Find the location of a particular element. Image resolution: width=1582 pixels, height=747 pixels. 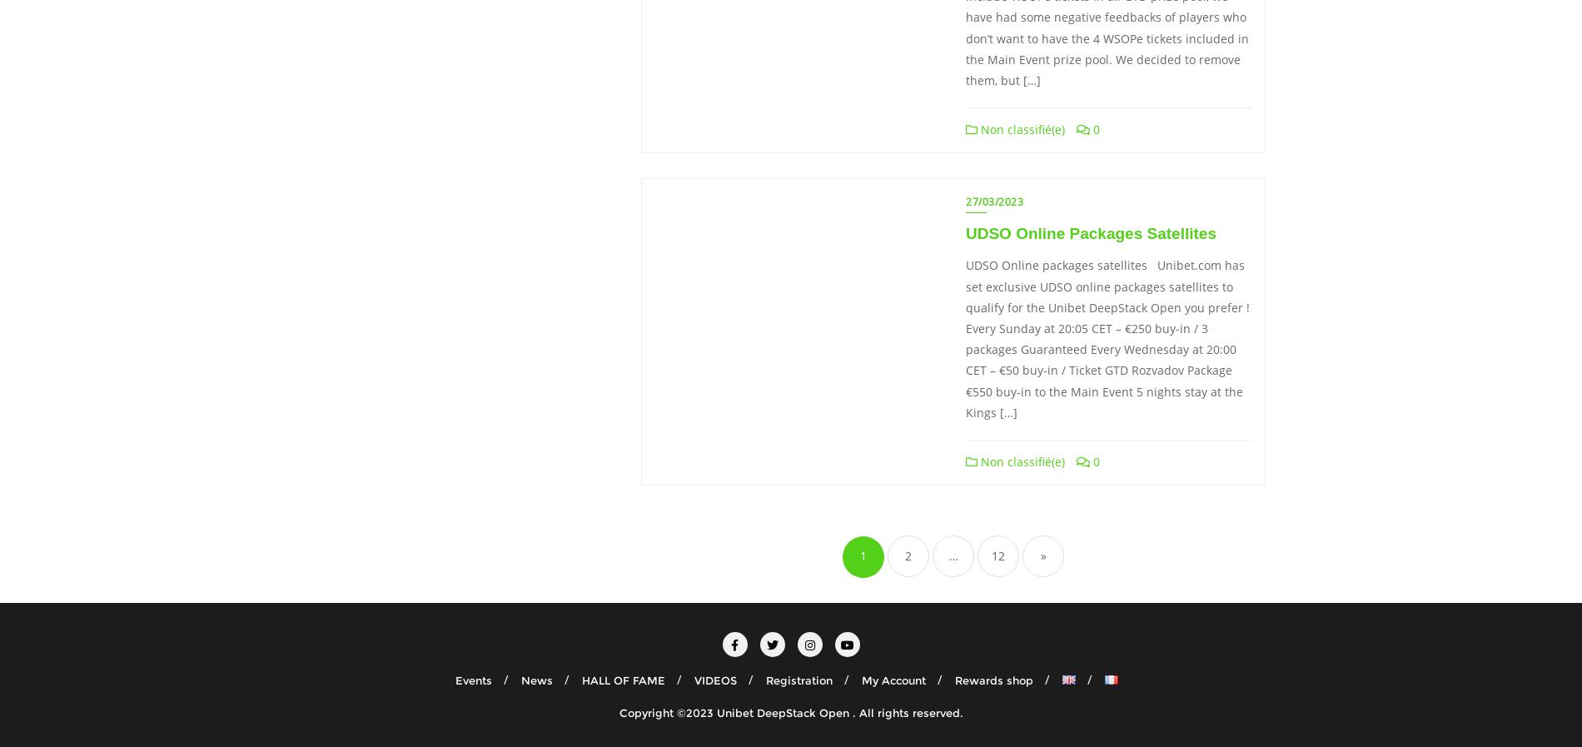

'Rewards shop' is located at coordinates (992, 680).